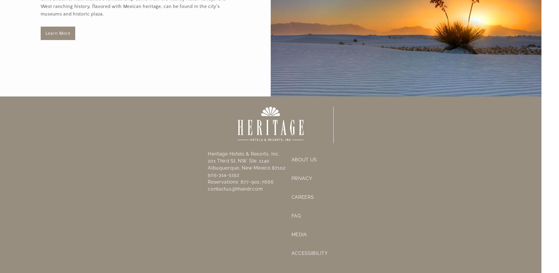  What do you see at coordinates (296, 215) in the screenshot?
I see `'FAQ'` at bounding box center [296, 215].